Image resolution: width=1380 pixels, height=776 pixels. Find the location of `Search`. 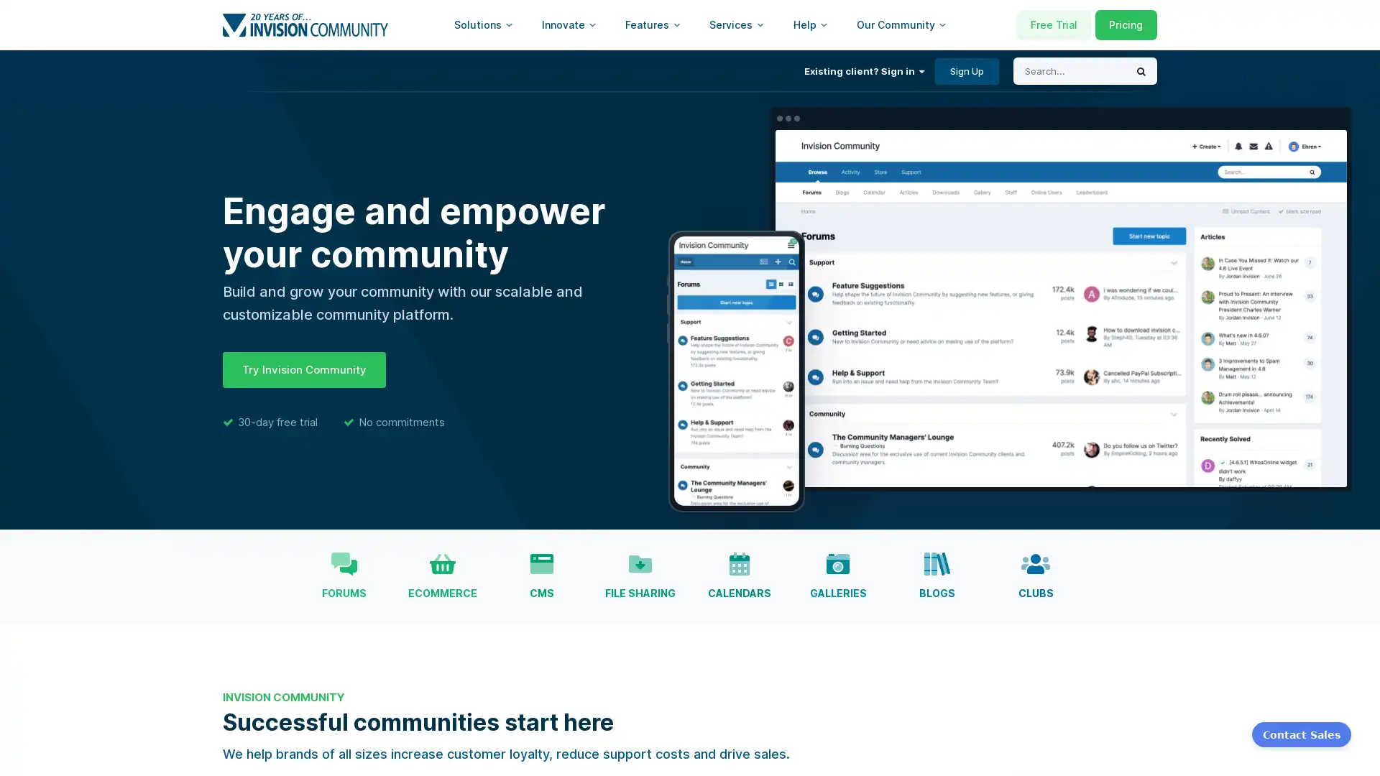

Search is located at coordinates (1141, 71).